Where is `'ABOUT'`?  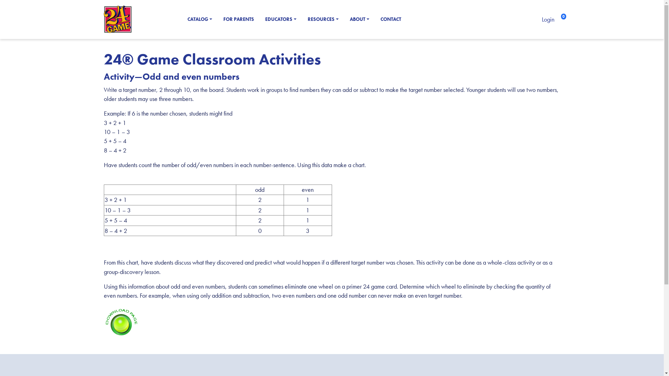 'ABOUT' is located at coordinates (344, 19).